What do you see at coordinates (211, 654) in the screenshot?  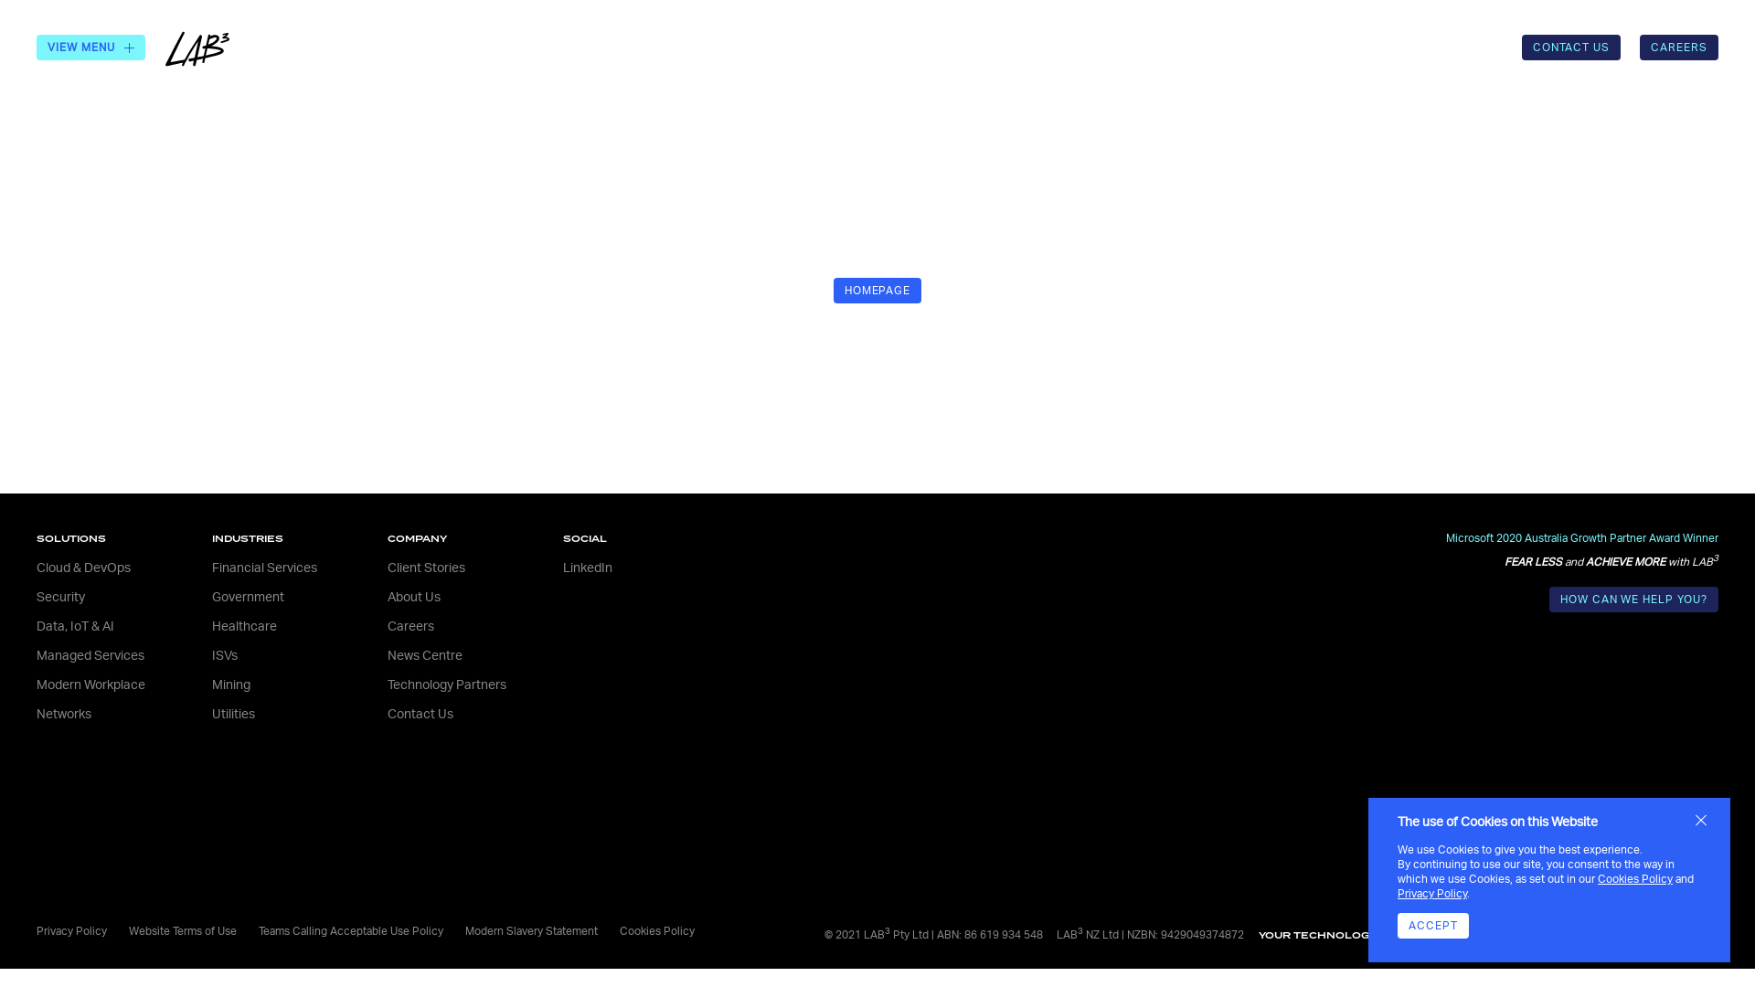 I see `'ISVs'` at bounding box center [211, 654].